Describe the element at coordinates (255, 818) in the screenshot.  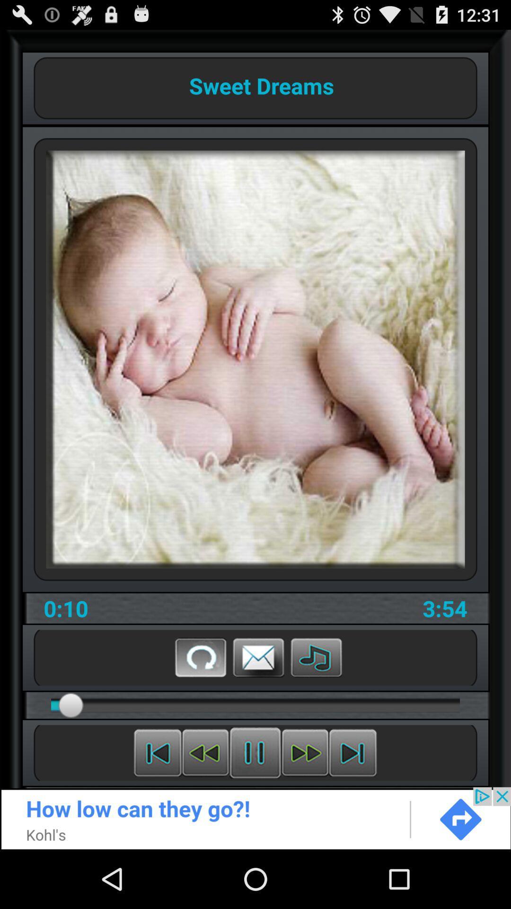
I see `advertisement button` at that location.